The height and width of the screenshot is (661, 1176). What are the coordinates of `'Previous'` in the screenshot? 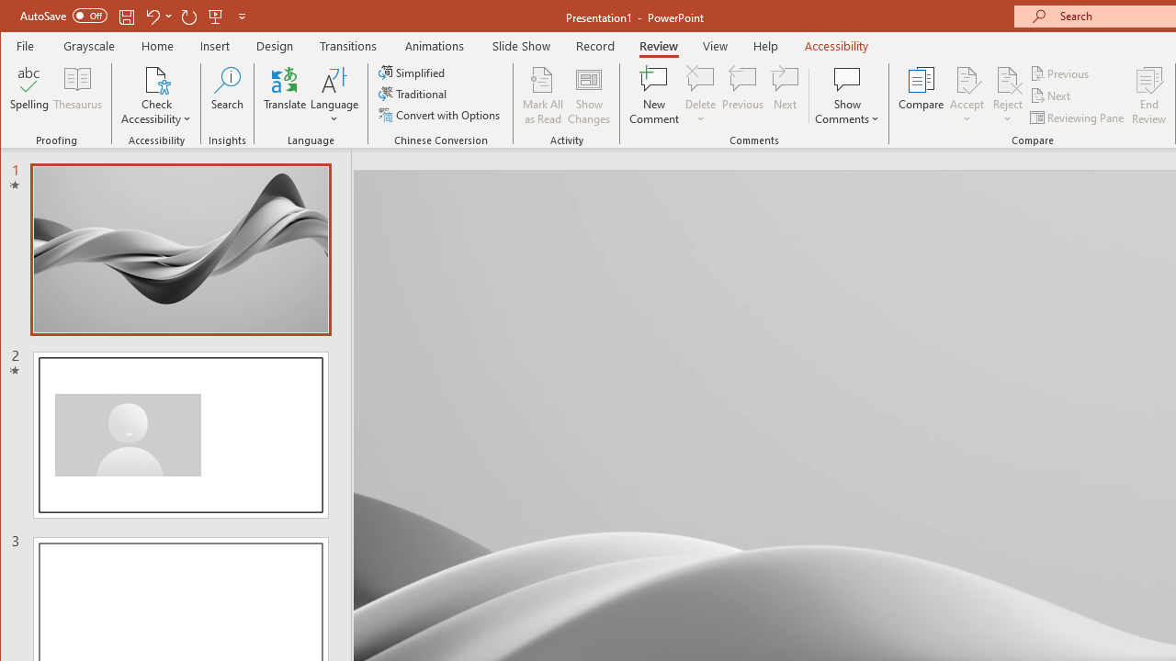 It's located at (1060, 73).